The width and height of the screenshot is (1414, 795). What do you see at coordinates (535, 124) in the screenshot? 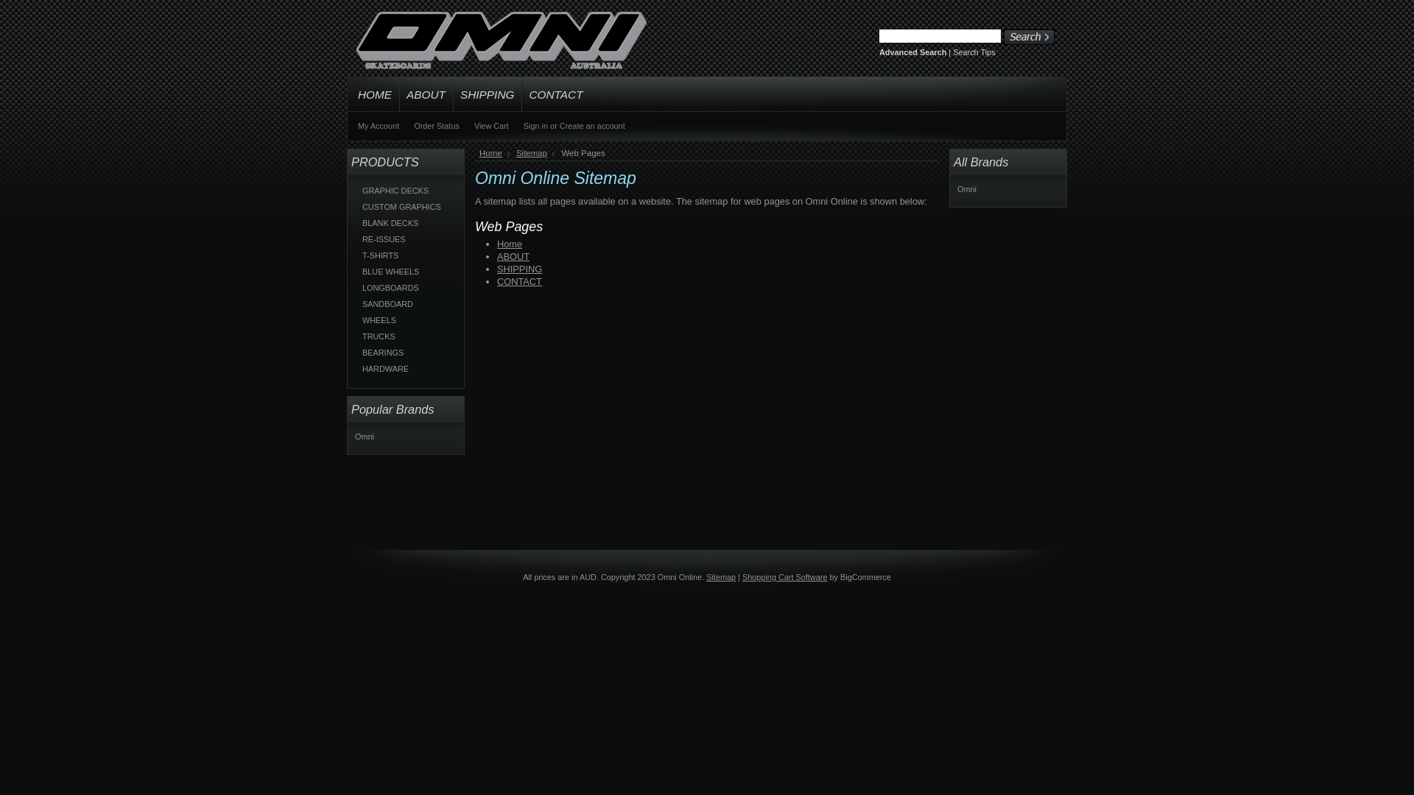
I see `'Sign in'` at bounding box center [535, 124].